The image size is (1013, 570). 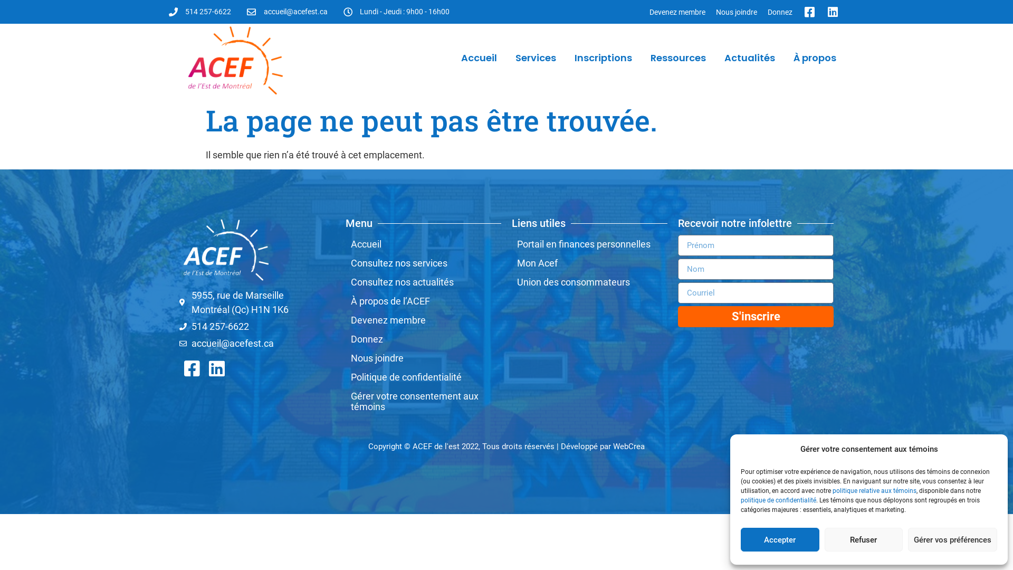 What do you see at coordinates (863, 539) in the screenshot?
I see `'Refuser'` at bounding box center [863, 539].